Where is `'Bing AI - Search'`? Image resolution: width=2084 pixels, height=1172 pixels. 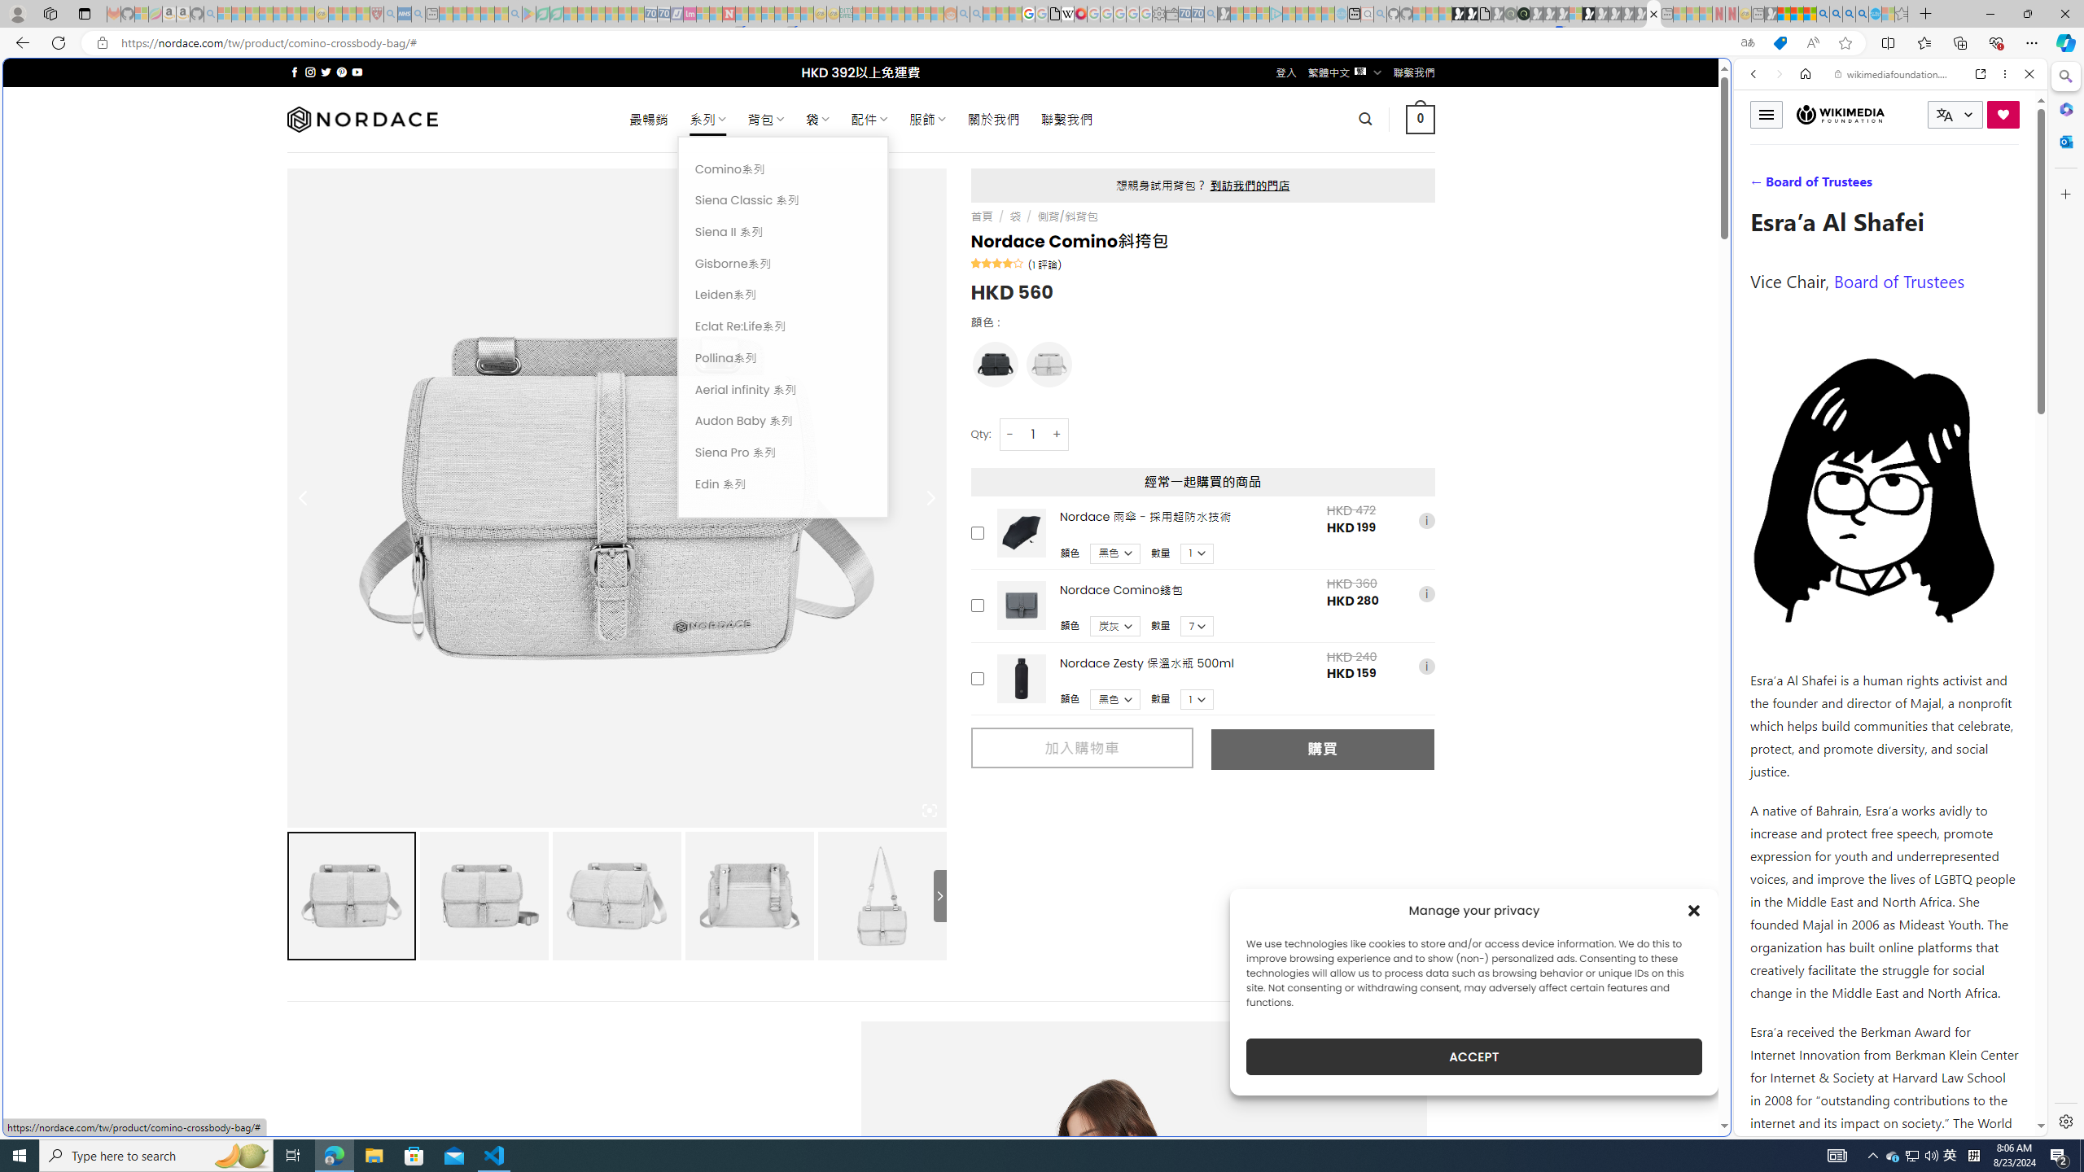
'Bing AI - Search' is located at coordinates (1821, 13).